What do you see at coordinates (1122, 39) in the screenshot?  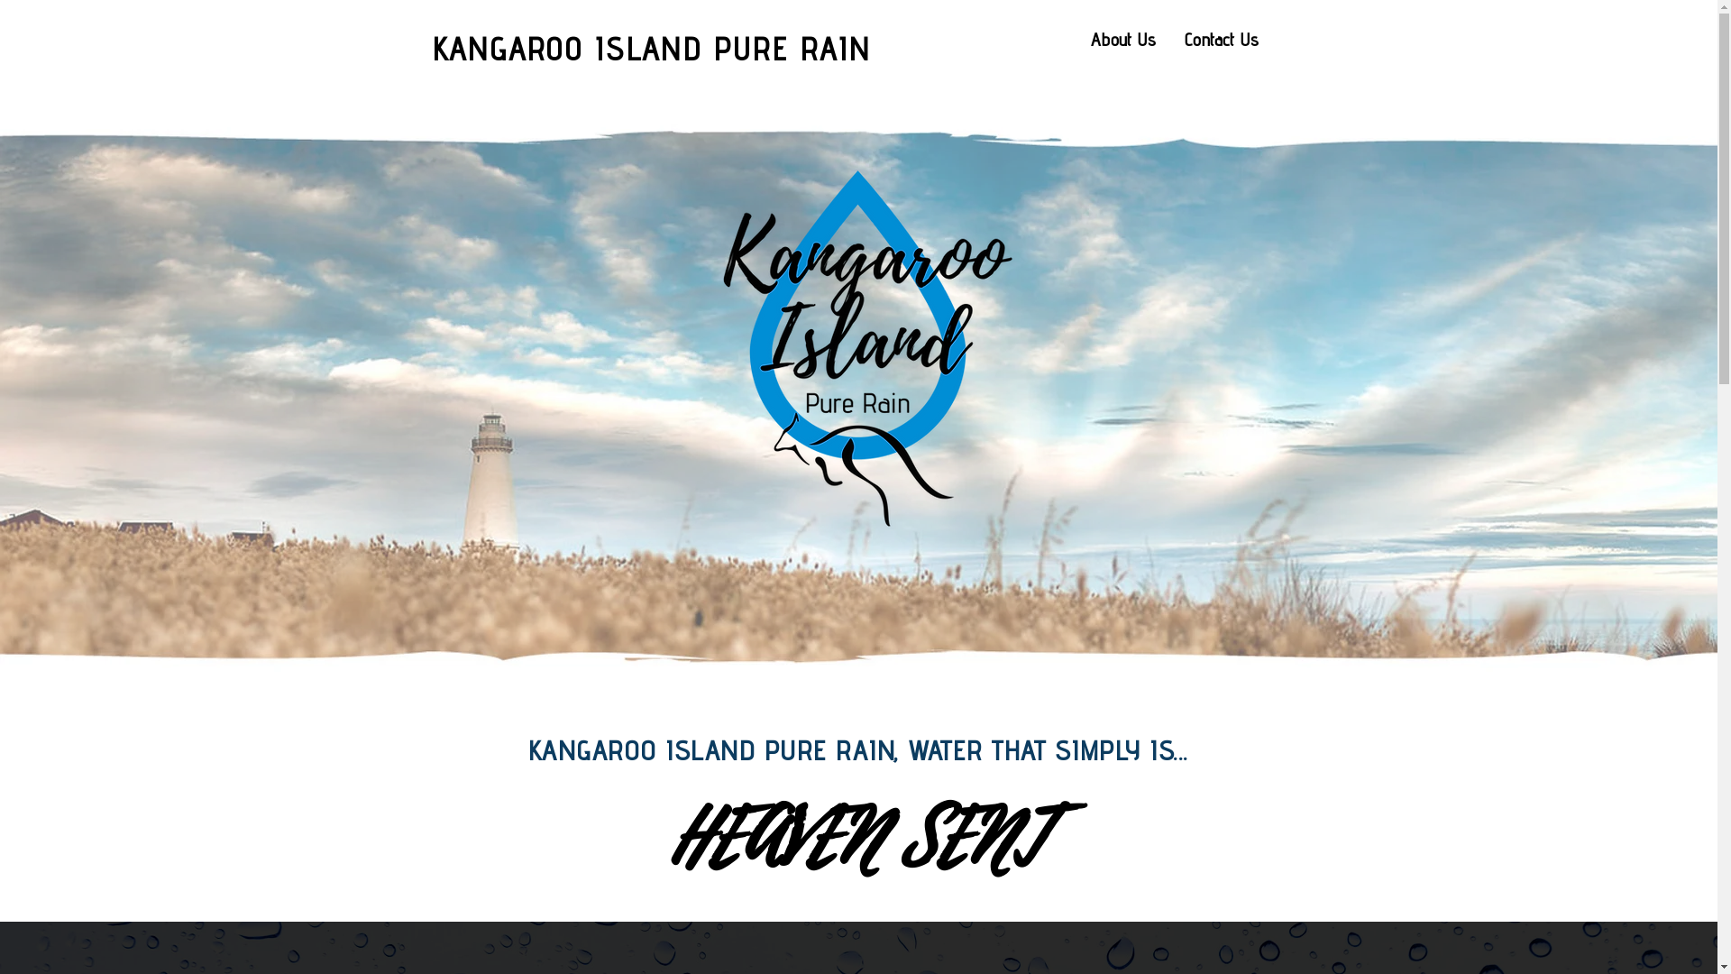 I see `'About Us'` at bounding box center [1122, 39].